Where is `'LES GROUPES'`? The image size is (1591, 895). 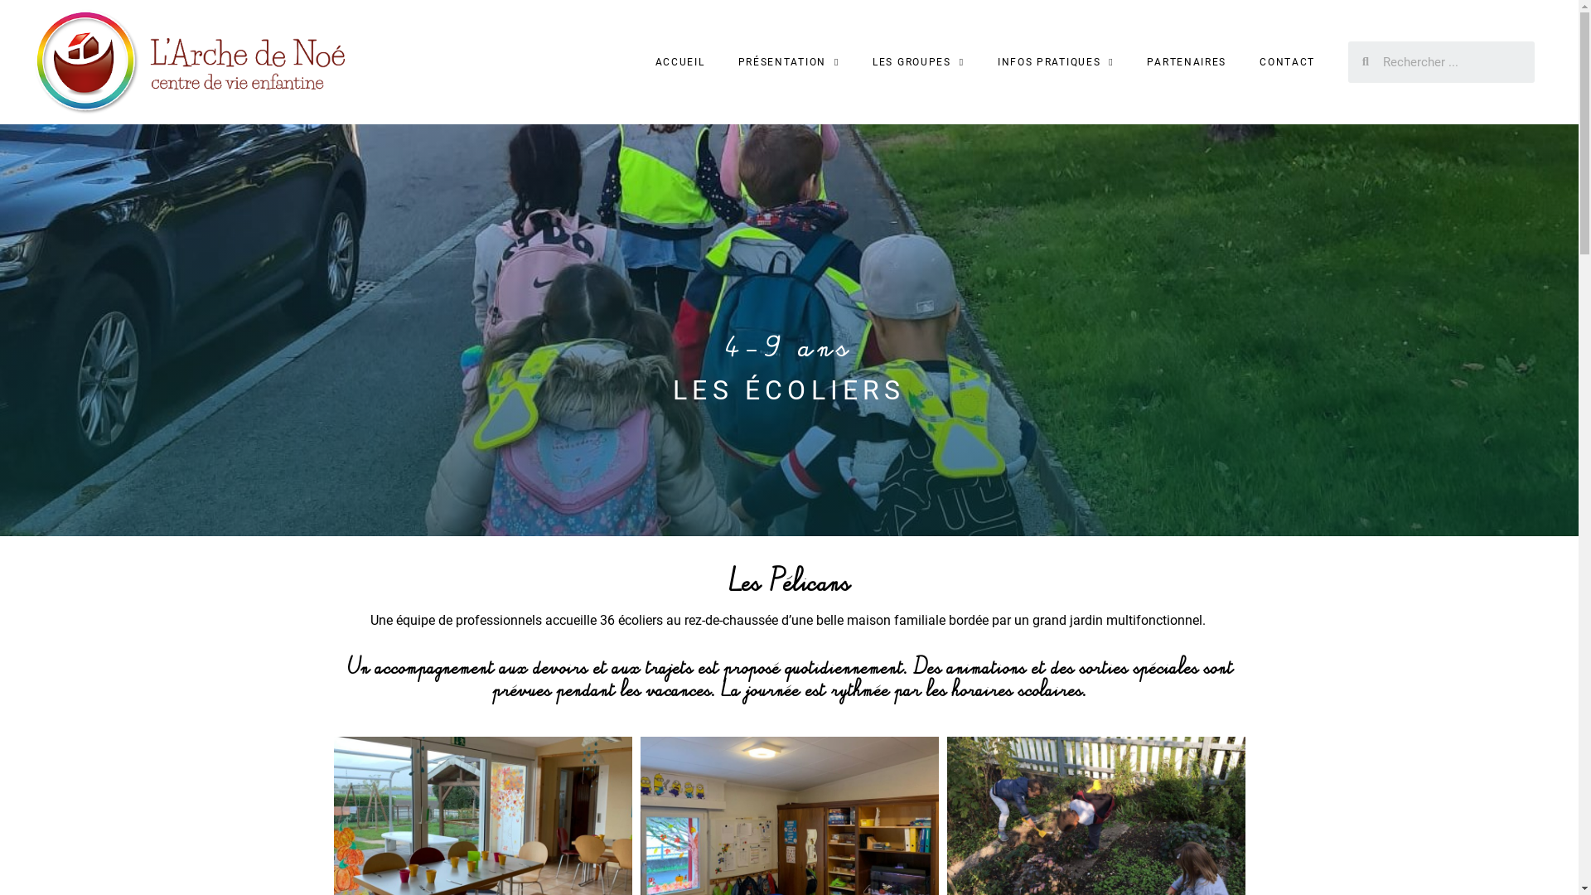 'LES GROUPES' is located at coordinates (917, 60).